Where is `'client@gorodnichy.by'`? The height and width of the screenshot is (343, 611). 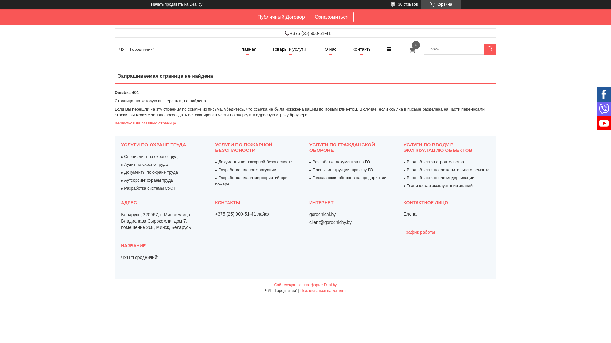
'client@gorodnichy.by' is located at coordinates (330, 222).